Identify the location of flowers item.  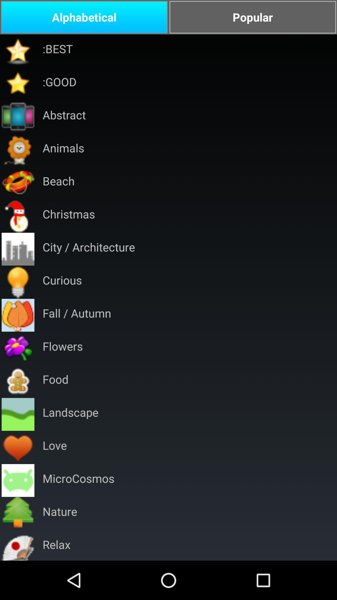
(62, 348).